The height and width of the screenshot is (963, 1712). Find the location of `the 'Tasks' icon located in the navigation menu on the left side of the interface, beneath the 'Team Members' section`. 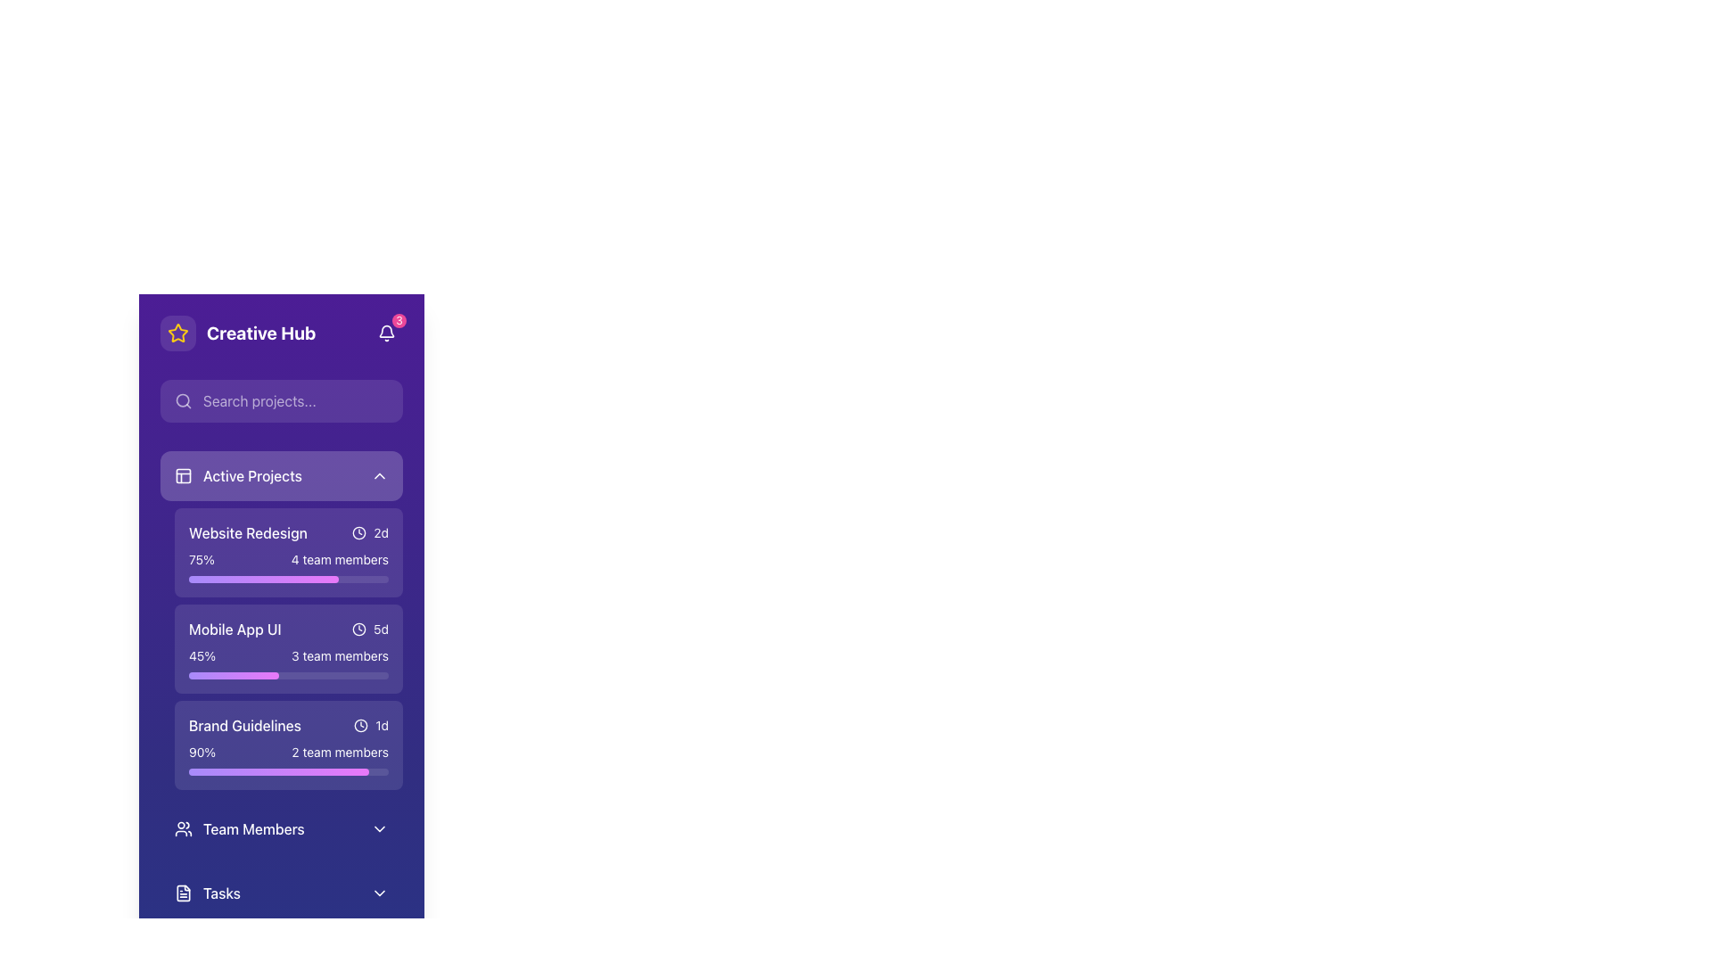

the 'Tasks' icon located in the navigation menu on the left side of the interface, beneath the 'Team Members' section is located at coordinates (184, 893).